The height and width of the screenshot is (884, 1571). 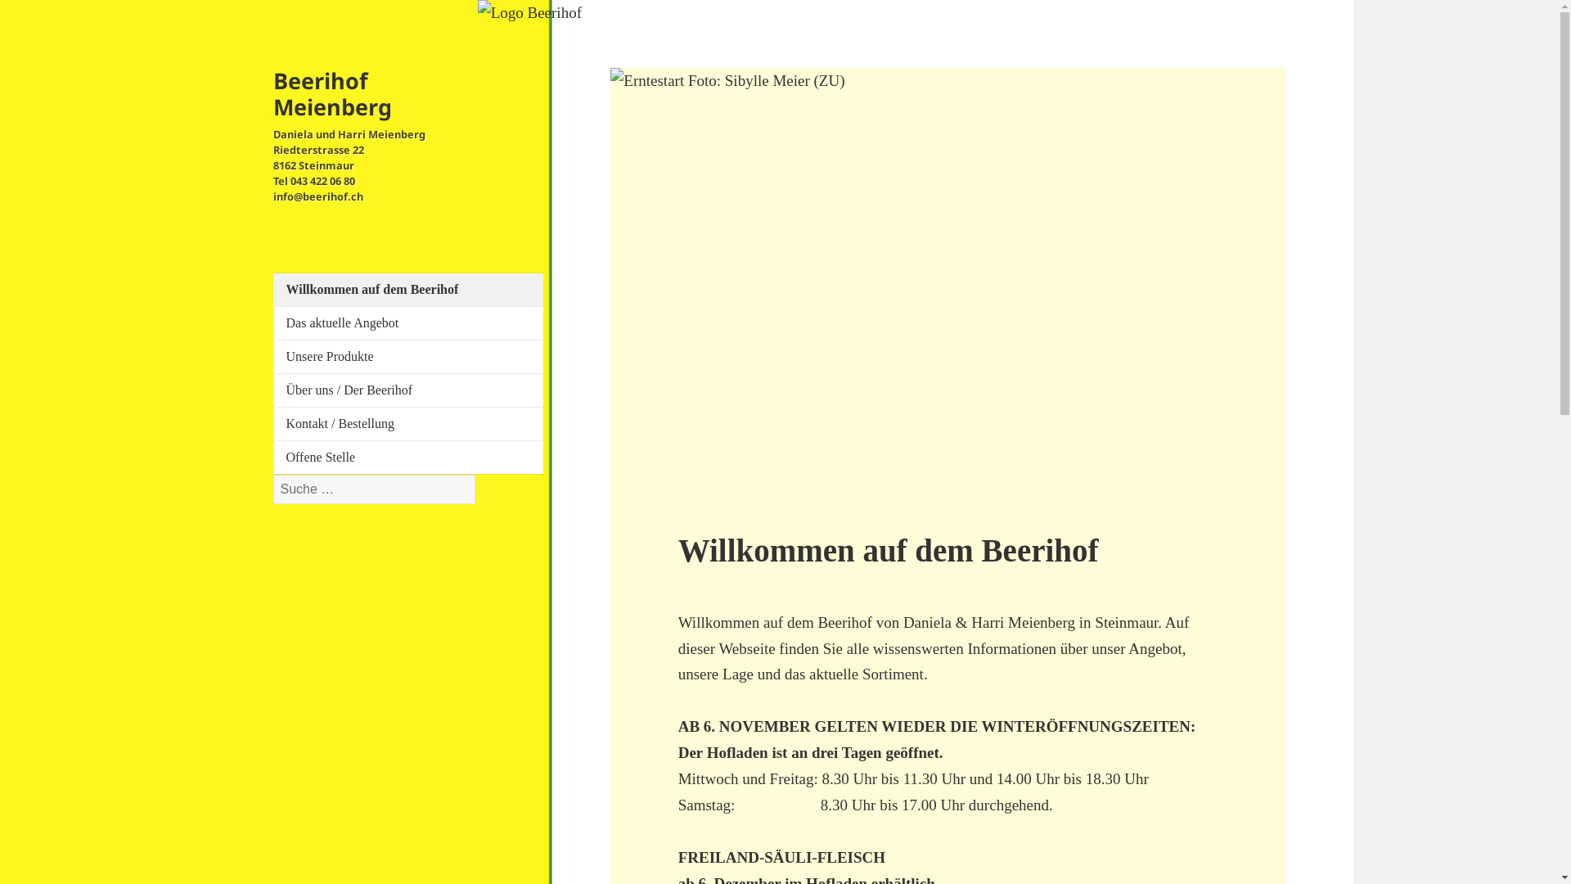 What do you see at coordinates (415, 355) in the screenshot?
I see `'Unsere Produkte'` at bounding box center [415, 355].